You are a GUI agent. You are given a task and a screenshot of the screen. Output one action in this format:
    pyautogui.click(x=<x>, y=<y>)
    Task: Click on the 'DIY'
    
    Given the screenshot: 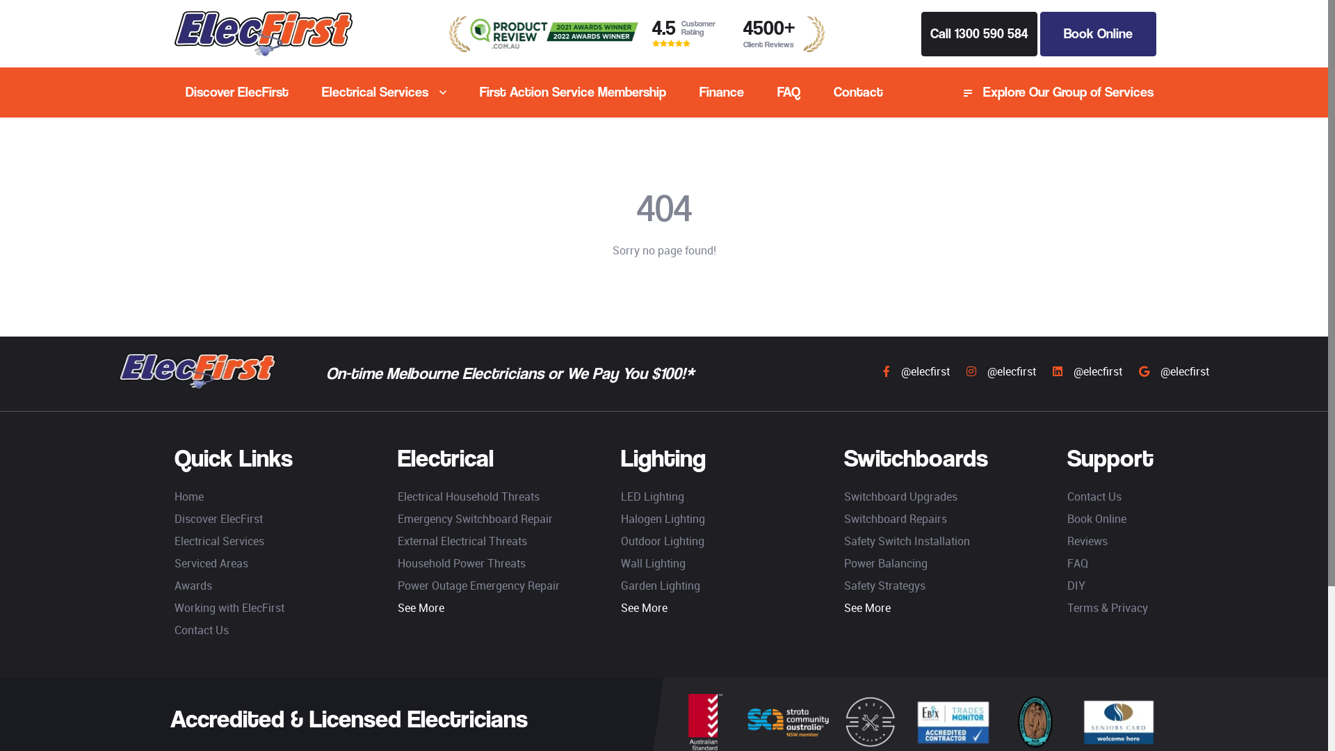 What is the action you would take?
    pyautogui.click(x=1075, y=585)
    